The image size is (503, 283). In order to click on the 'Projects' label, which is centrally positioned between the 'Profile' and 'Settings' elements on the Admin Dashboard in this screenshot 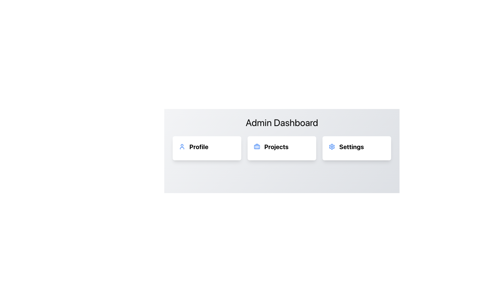, I will do `click(281, 146)`.